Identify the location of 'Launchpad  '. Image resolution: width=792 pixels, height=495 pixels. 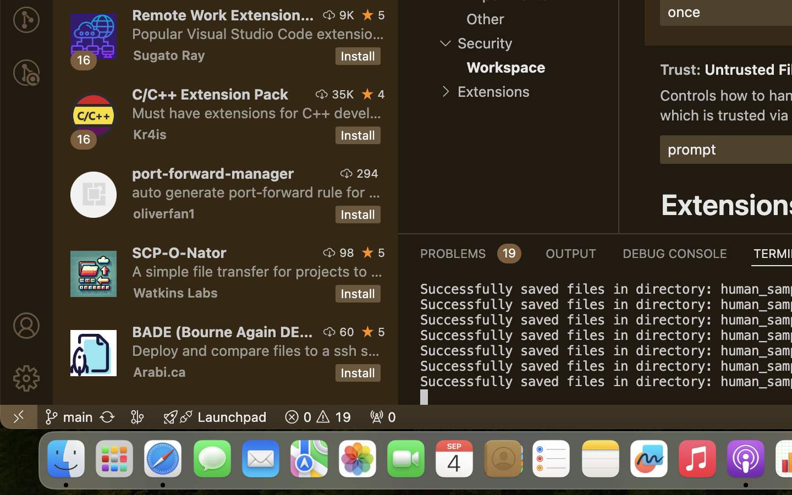
(214, 416).